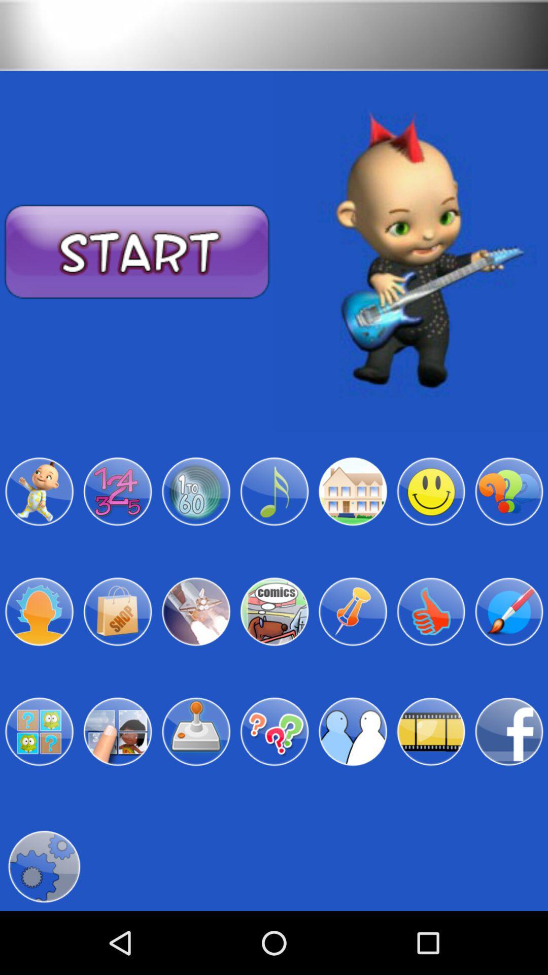 The height and width of the screenshot is (975, 548). Describe the element at coordinates (509, 732) in the screenshot. I see `facebook icon` at that location.